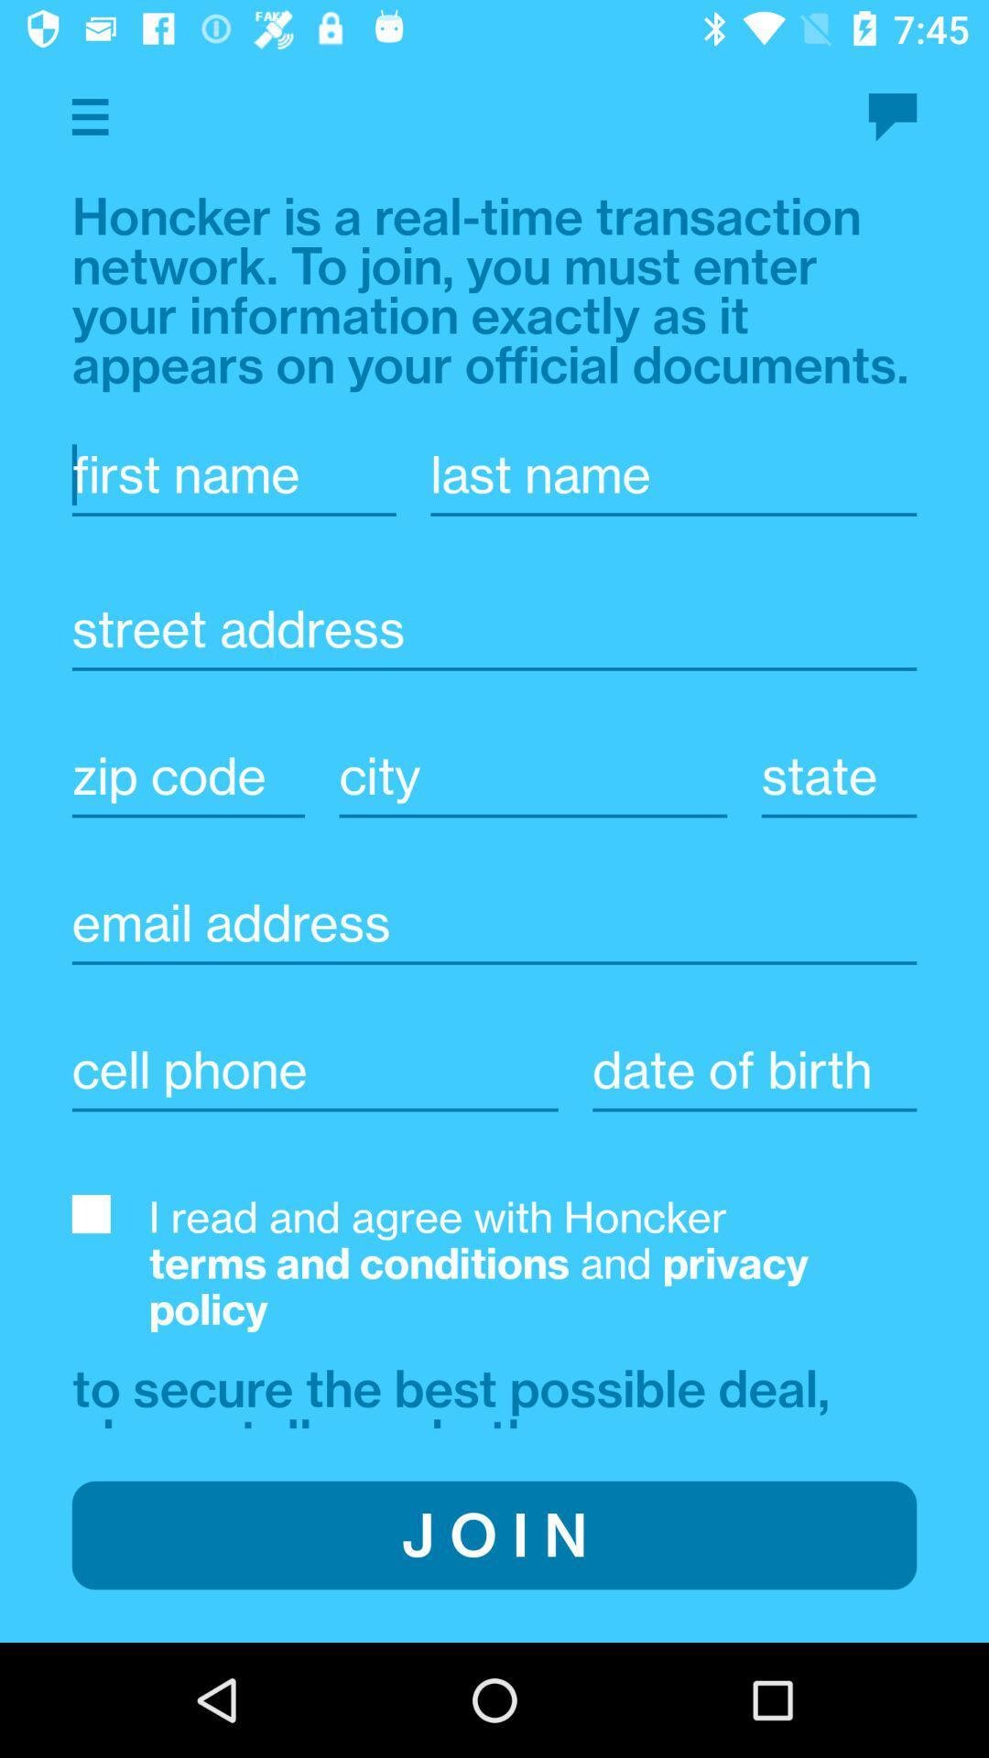 Image resolution: width=989 pixels, height=1758 pixels. What do you see at coordinates (91, 1213) in the screenshot?
I see `agree to terms and conditions` at bounding box center [91, 1213].